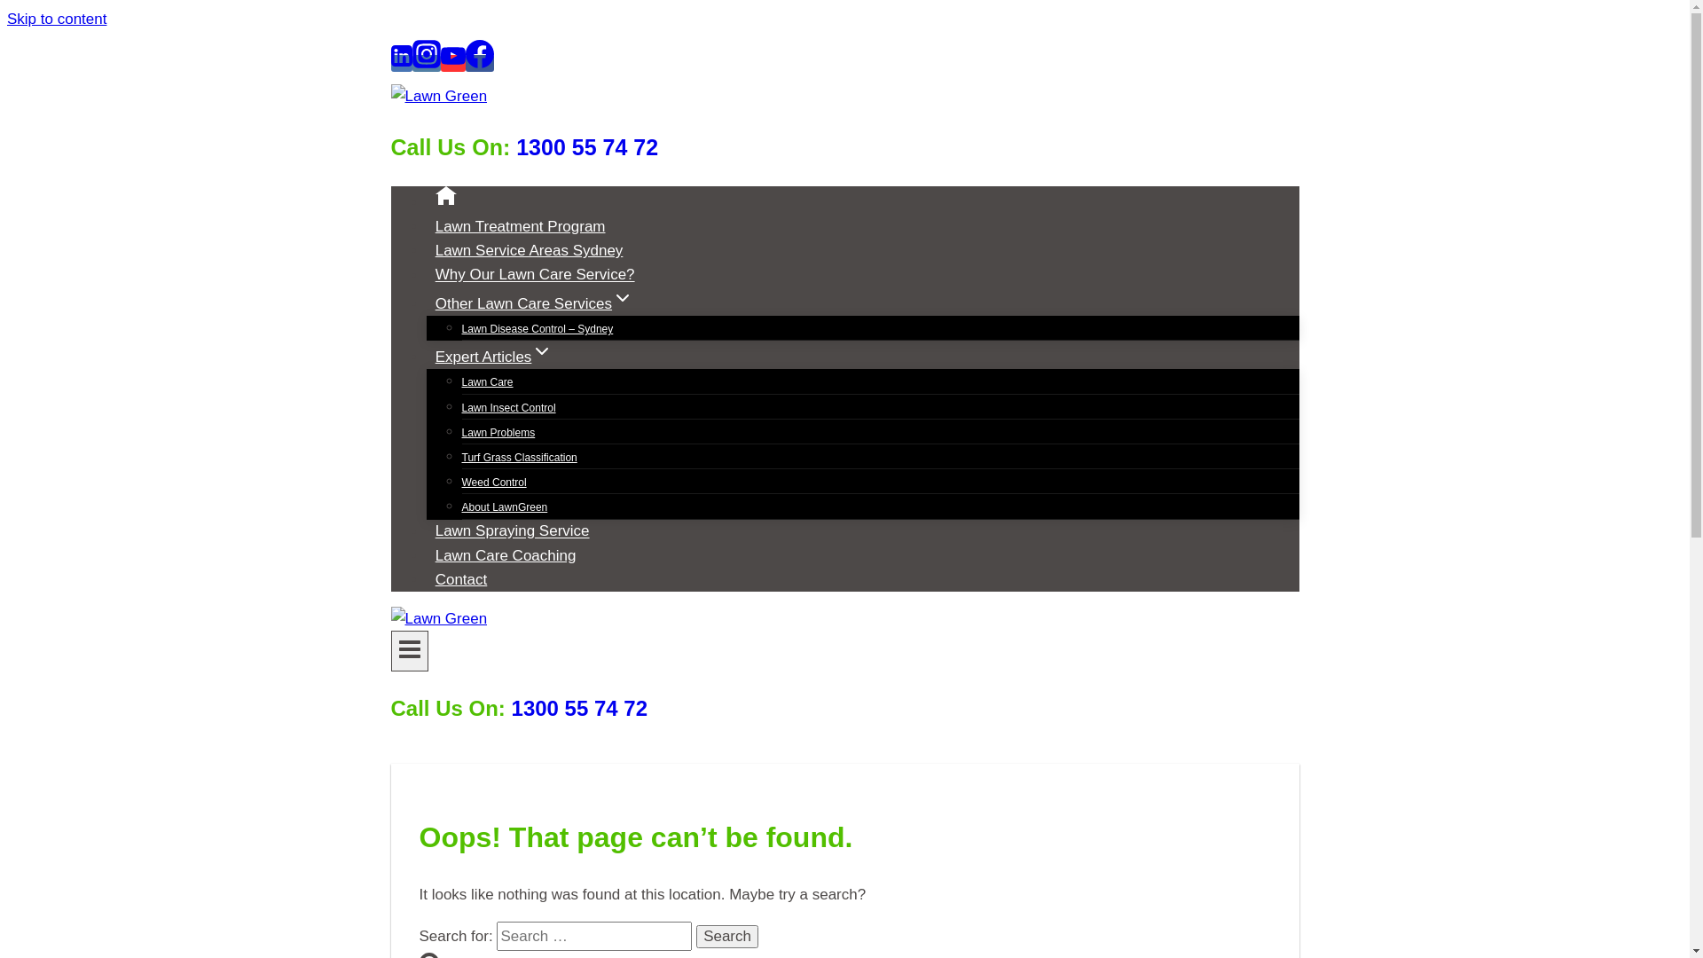  What do you see at coordinates (478, 62) in the screenshot?
I see `'Facebook'` at bounding box center [478, 62].